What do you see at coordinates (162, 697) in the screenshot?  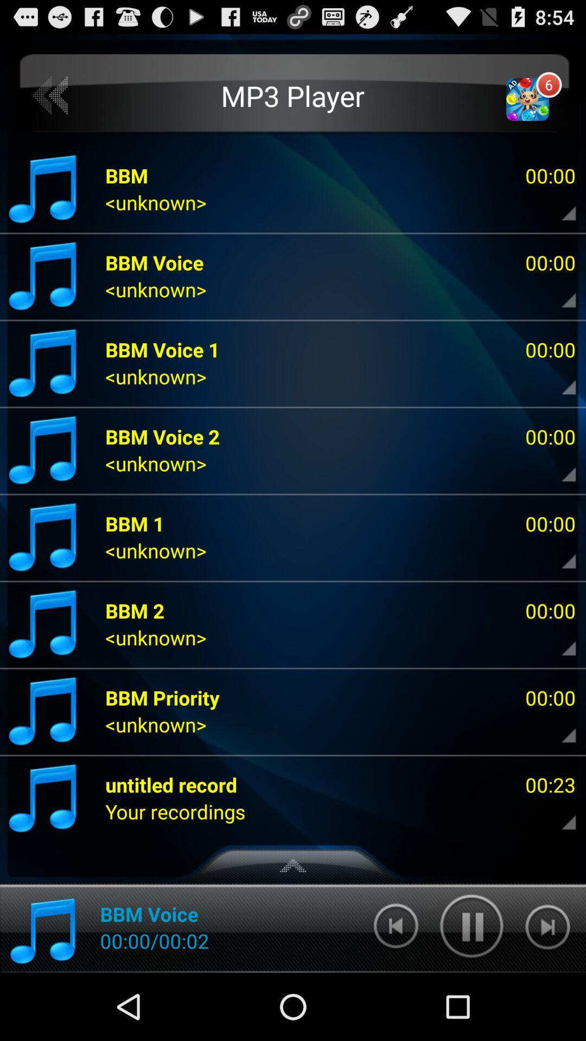 I see `app below <unknown>` at bounding box center [162, 697].